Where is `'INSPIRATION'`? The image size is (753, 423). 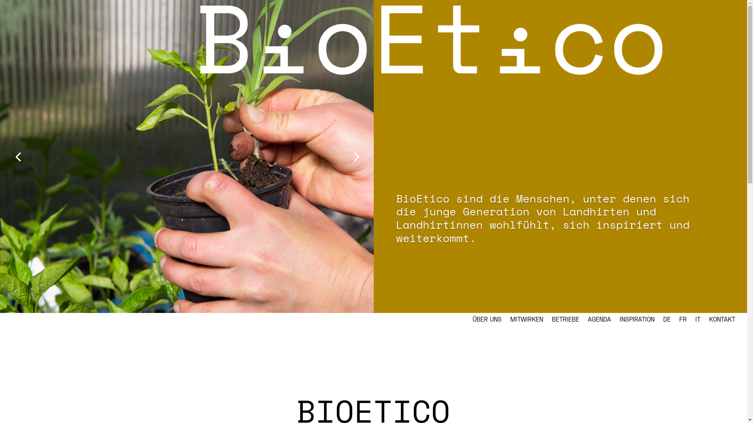
'INSPIRATION' is located at coordinates (637, 320).